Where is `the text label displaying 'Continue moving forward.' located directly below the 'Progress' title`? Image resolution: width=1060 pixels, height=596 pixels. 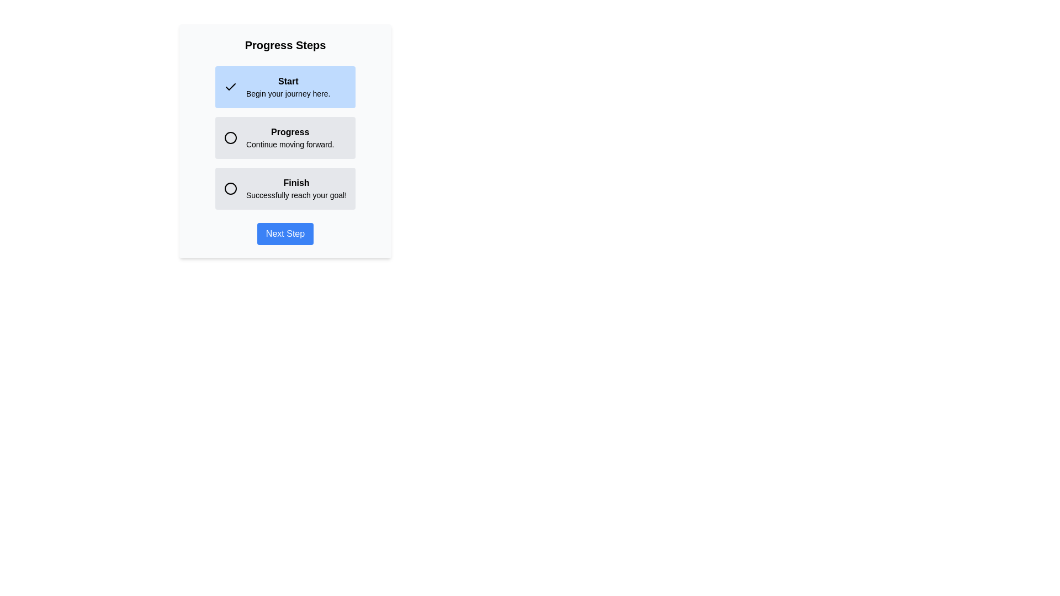
the text label displaying 'Continue moving forward.' located directly below the 'Progress' title is located at coordinates (290, 144).